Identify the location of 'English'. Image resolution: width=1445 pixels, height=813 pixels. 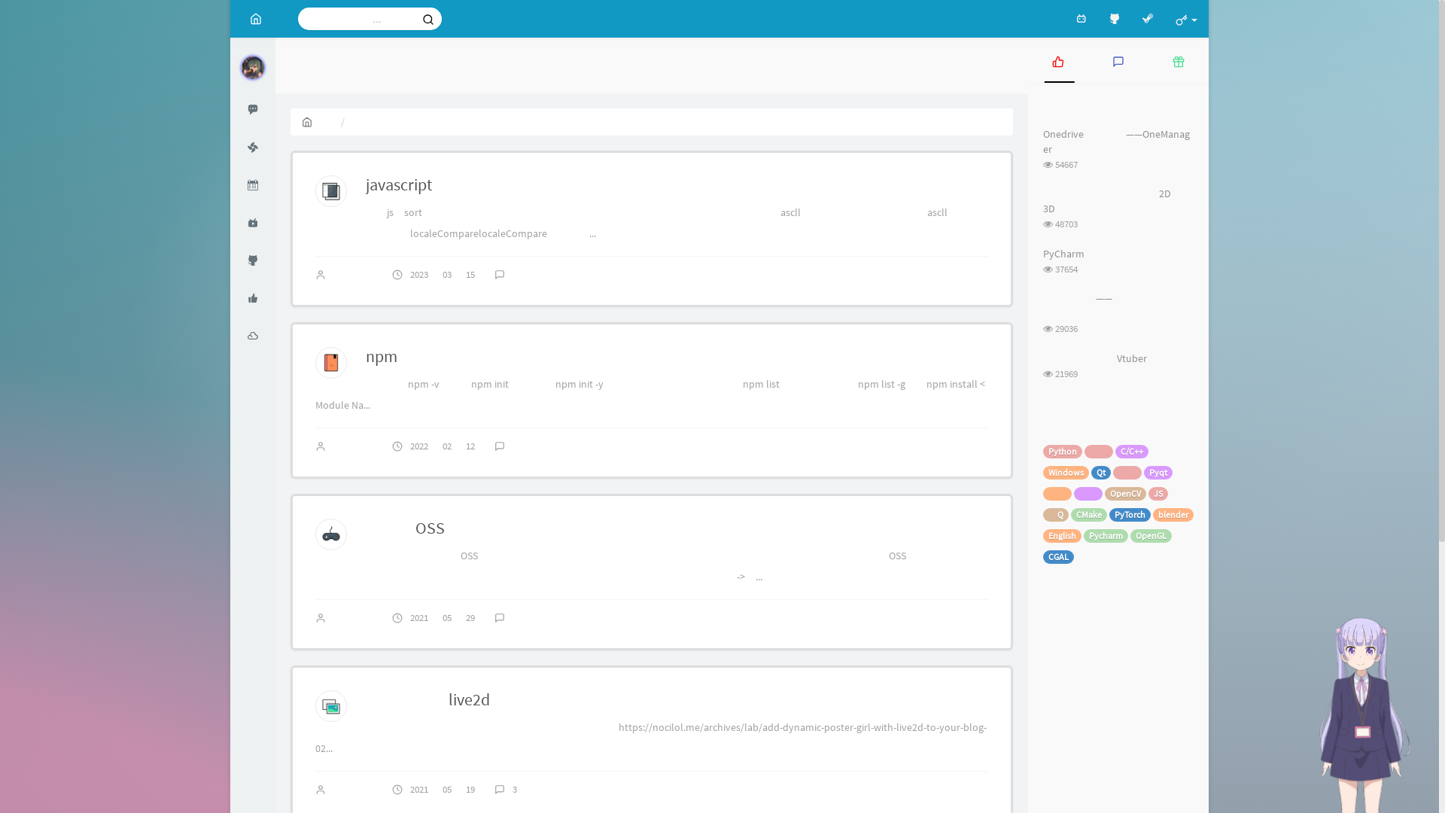
(1061, 535).